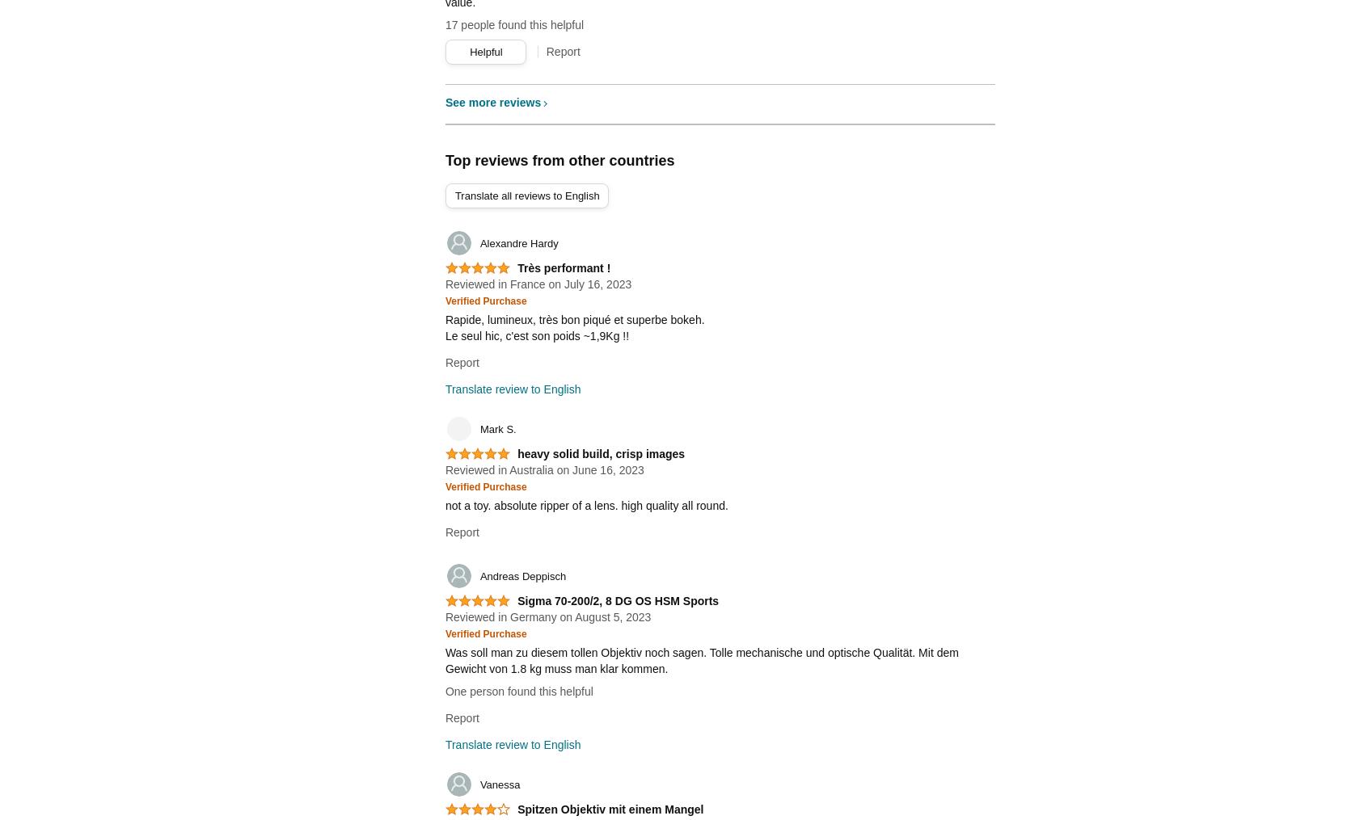  What do you see at coordinates (496, 429) in the screenshot?
I see `'Mark S.'` at bounding box center [496, 429].